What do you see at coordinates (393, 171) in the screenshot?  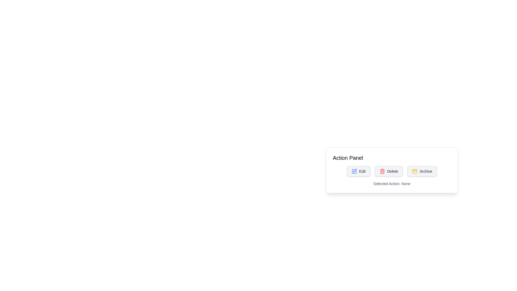 I see `the Text label that represents a delete action, positioned between the 'Edit' and 'Archive' buttons in the 'Action Panel'` at bounding box center [393, 171].